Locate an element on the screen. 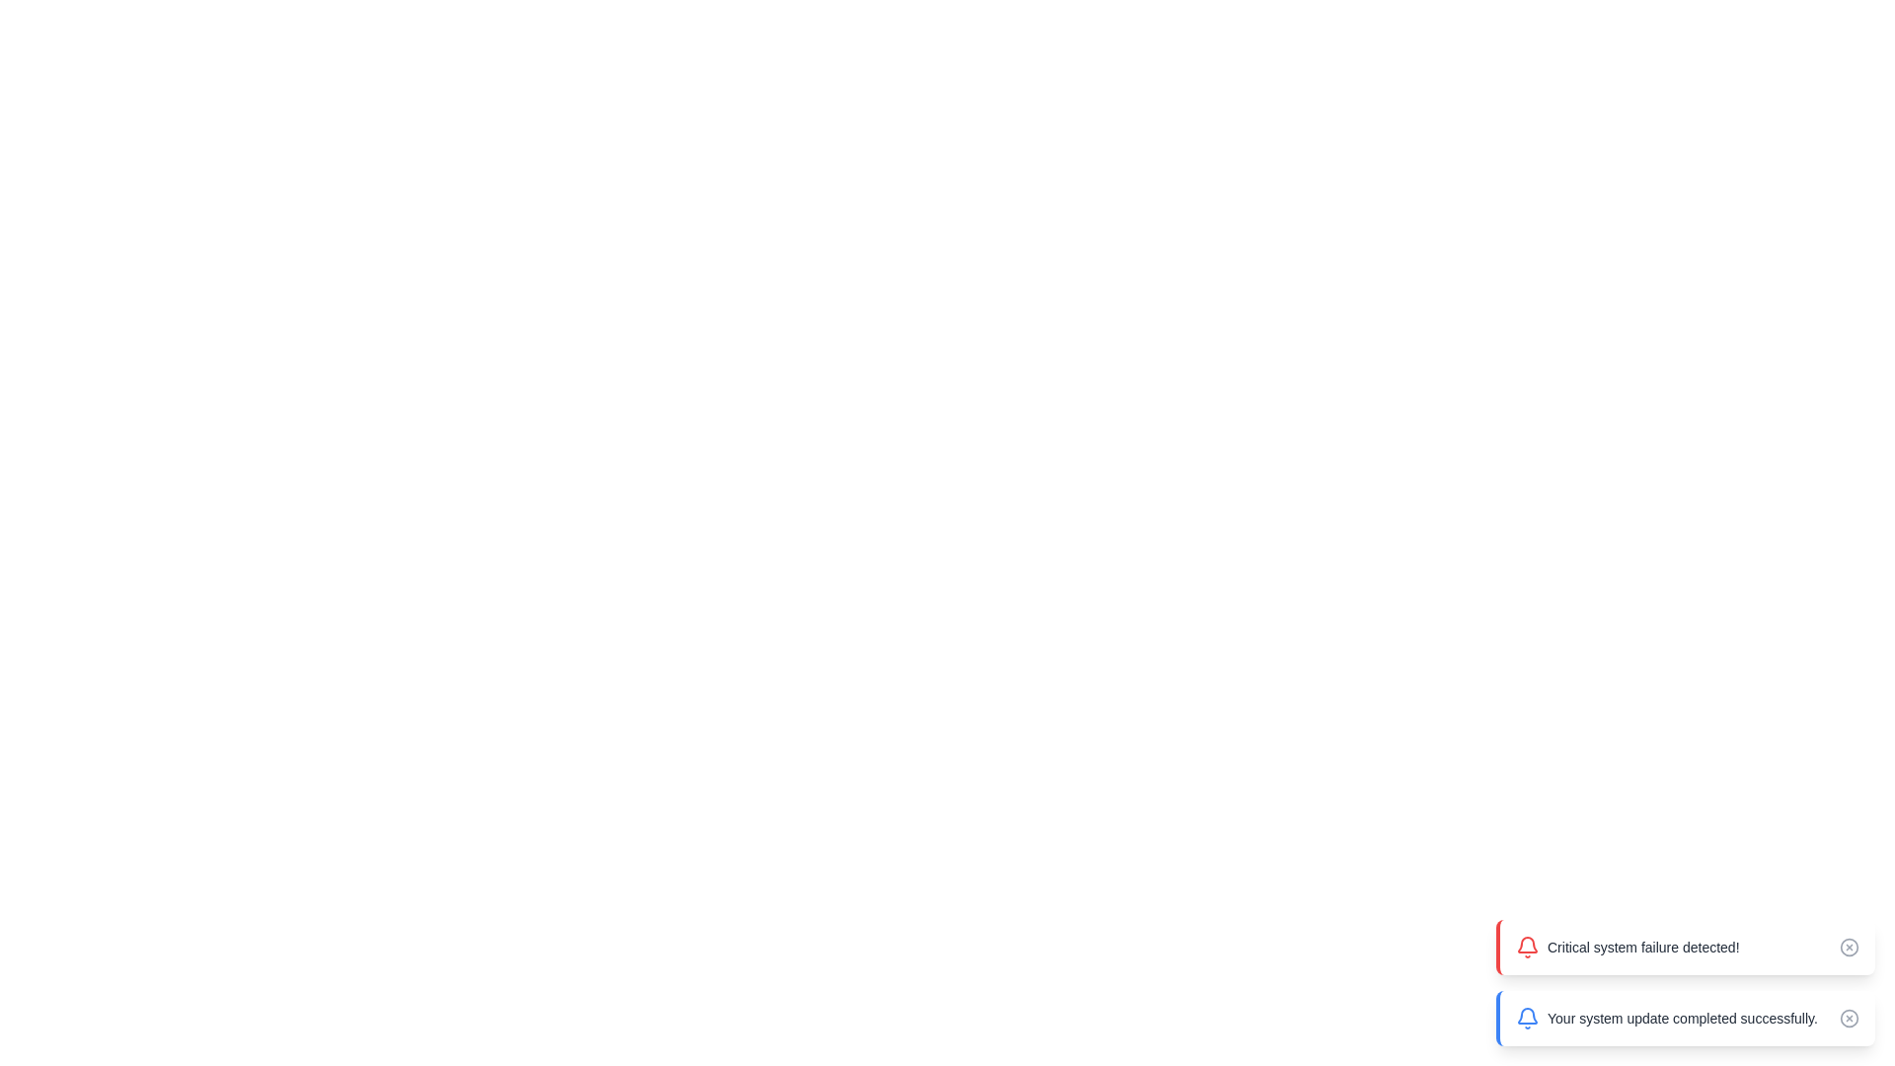 The height and width of the screenshot is (1066, 1895). the message container to observe the hover animation effect is located at coordinates (1685, 947).